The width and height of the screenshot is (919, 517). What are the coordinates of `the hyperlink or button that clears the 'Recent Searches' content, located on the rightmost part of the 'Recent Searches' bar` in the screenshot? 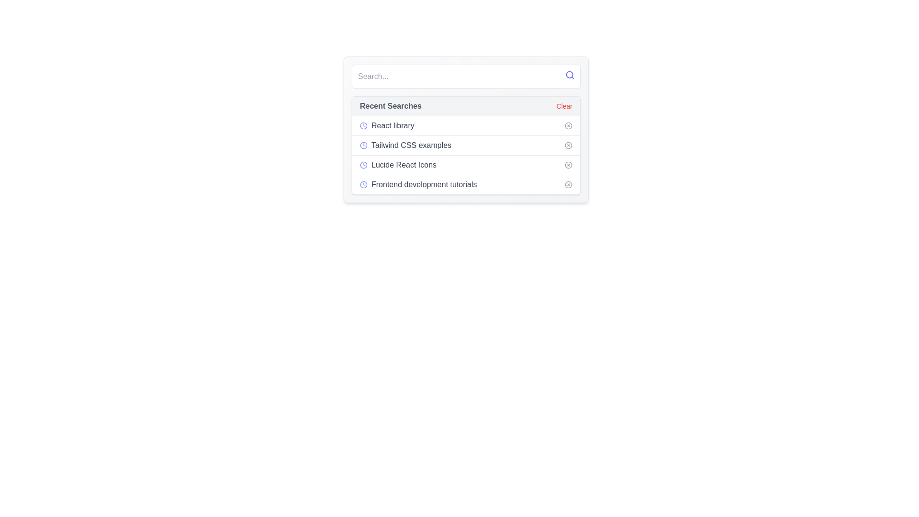 It's located at (564, 106).